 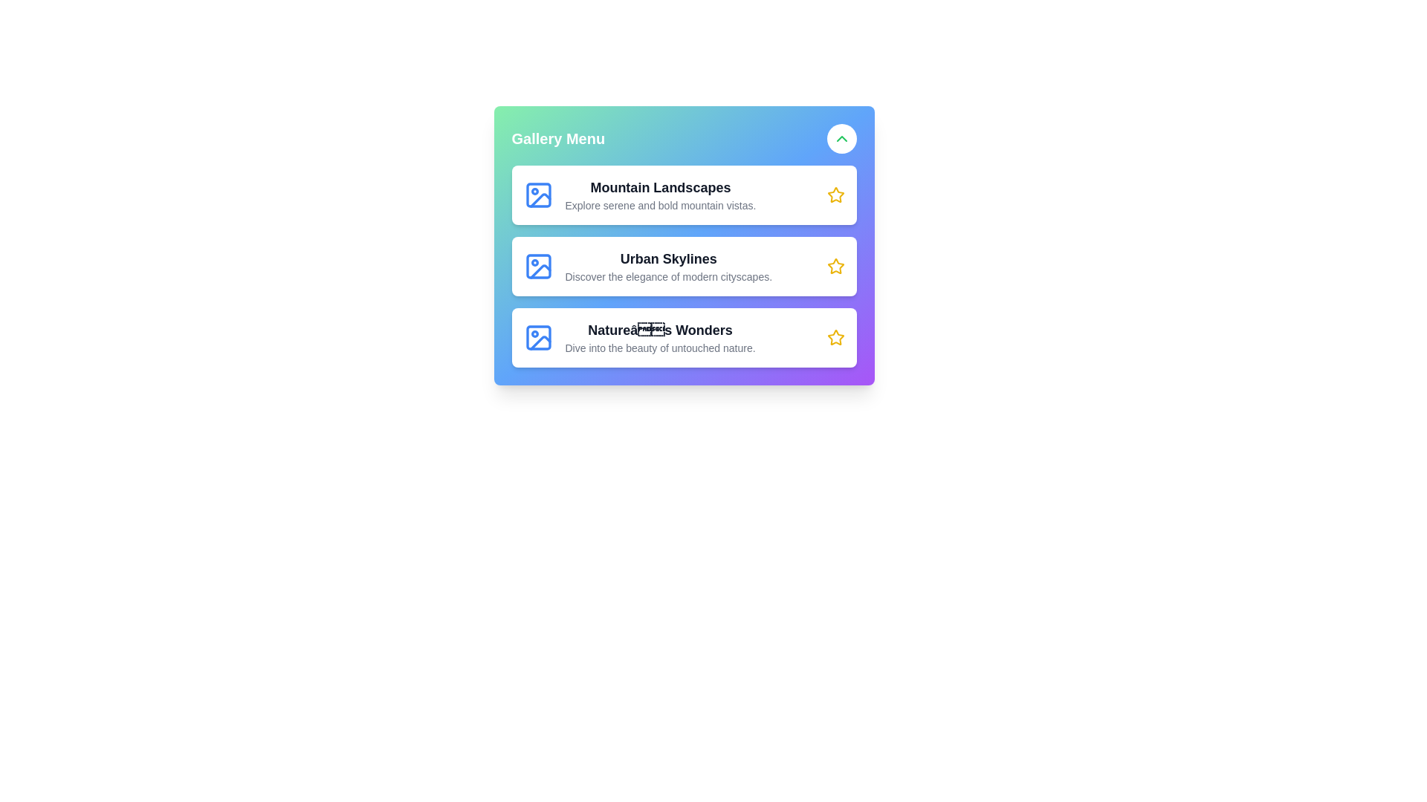 What do you see at coordinates (683, 194) in the screenshot?
I see `the gallery item Mountain Landscapes to trigger its hover effect` at bounding box center [683, 194].